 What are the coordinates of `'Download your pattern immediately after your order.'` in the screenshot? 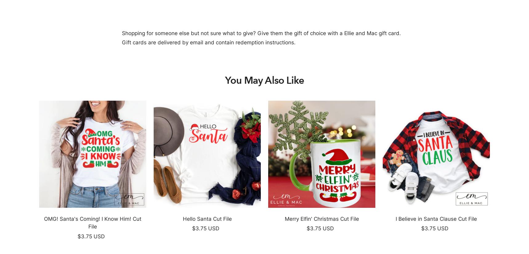 It's located at (126, 211).